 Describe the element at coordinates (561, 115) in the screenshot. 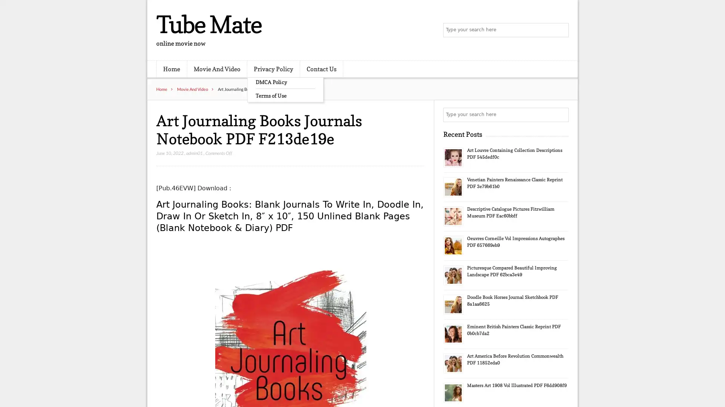

I see `Search` at that location.